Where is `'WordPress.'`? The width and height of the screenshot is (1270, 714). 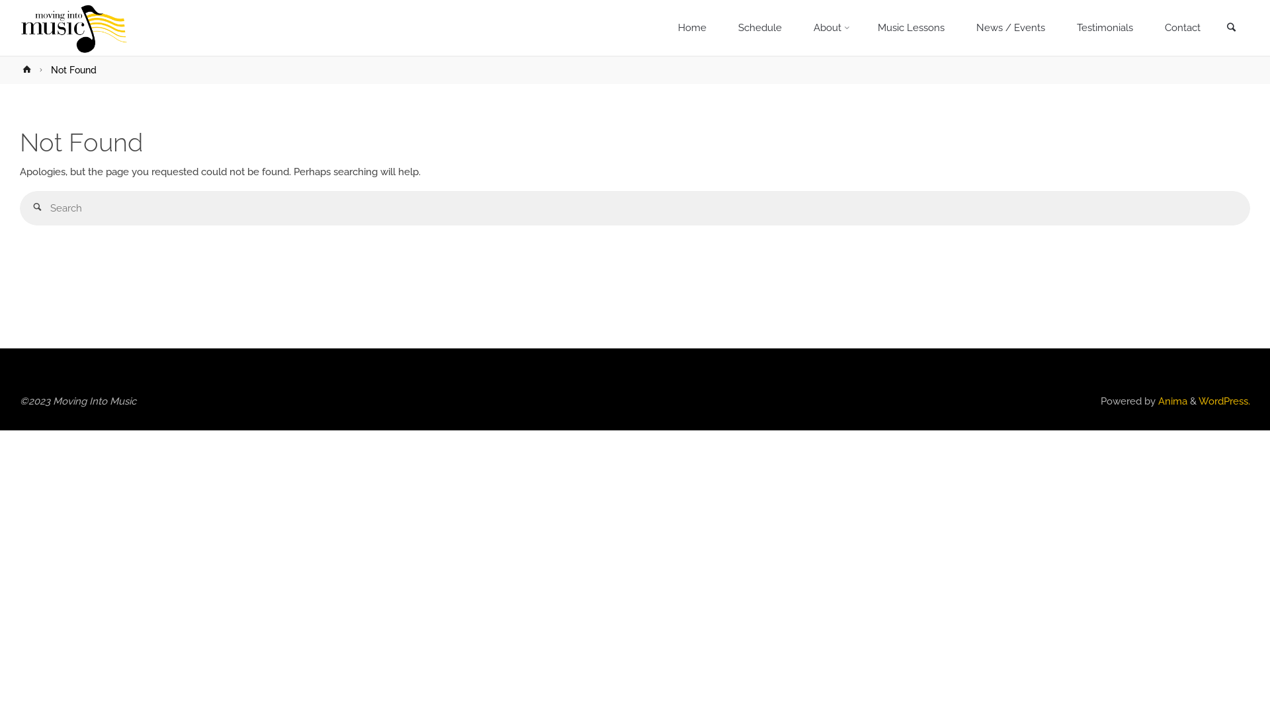 'WordPress.' is located at coordinates (1224, 400).